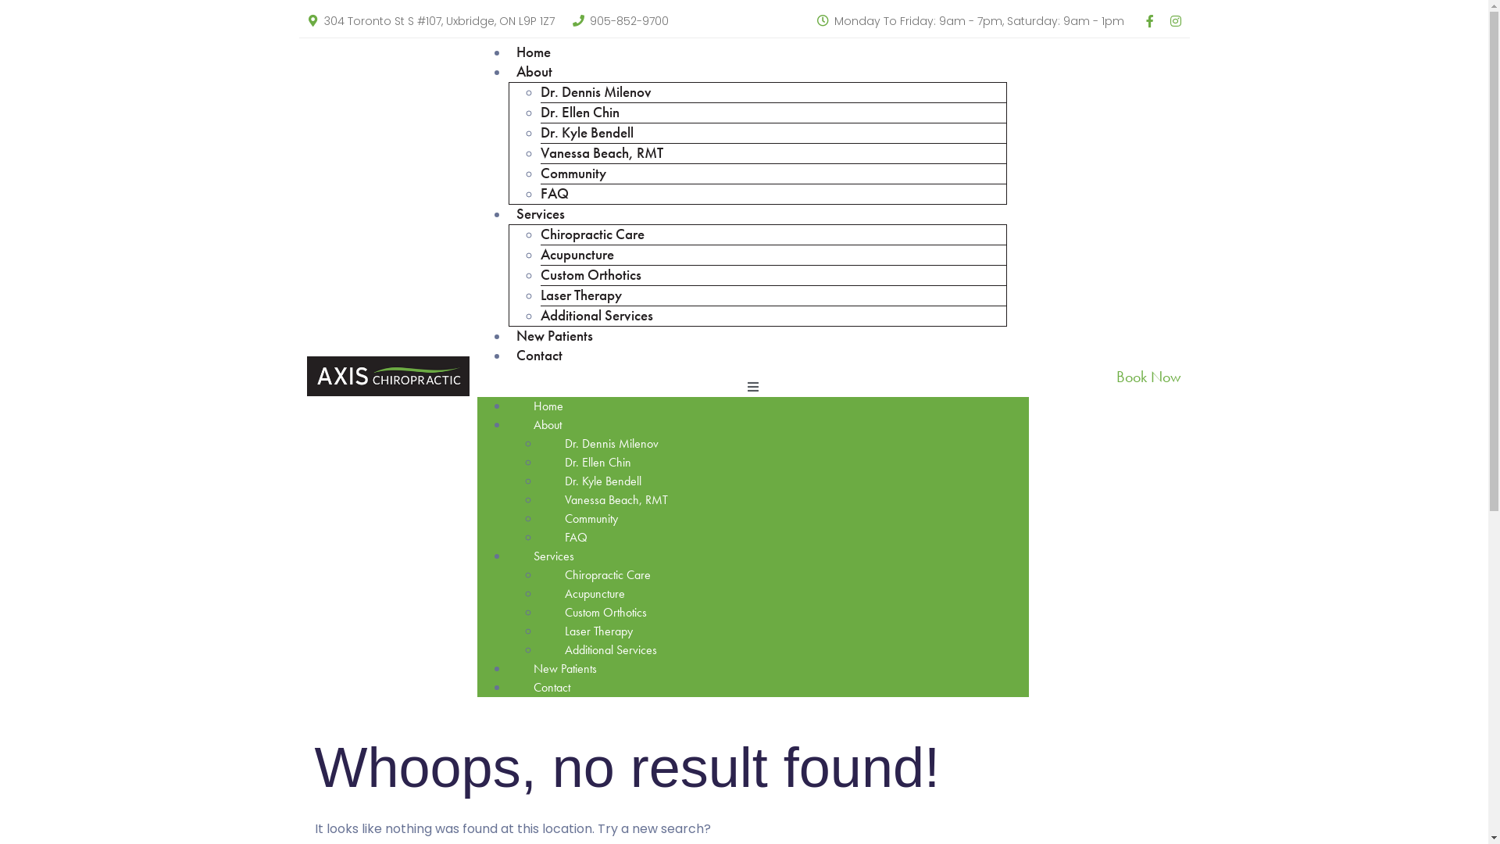  I want to click on 'Services', so click(554, 555).